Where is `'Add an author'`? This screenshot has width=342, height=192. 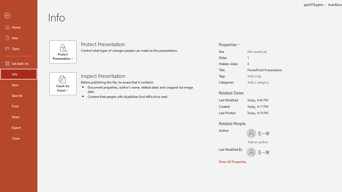
'Add an author' is located at coordinates (253, 142).